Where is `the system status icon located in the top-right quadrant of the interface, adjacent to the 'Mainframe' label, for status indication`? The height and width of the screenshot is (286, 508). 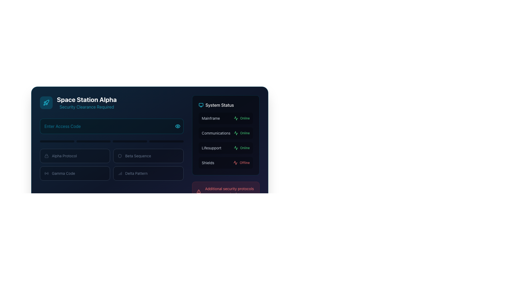
the system status icon located in the top-right quadrant of the interface, adjacent to the 'Mainframe' label, for status indication is located at coordinates (235, 133).